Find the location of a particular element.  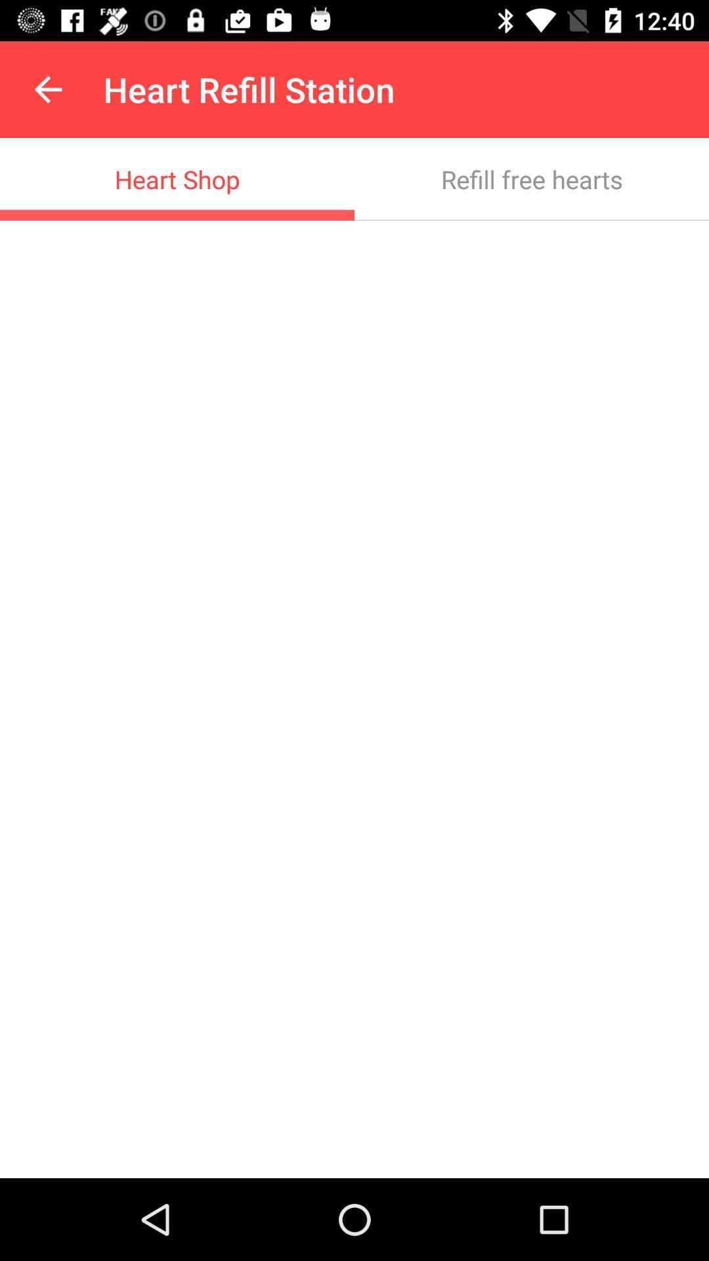

the icon next to refill free hearts item is located at coordinates (177, 179).